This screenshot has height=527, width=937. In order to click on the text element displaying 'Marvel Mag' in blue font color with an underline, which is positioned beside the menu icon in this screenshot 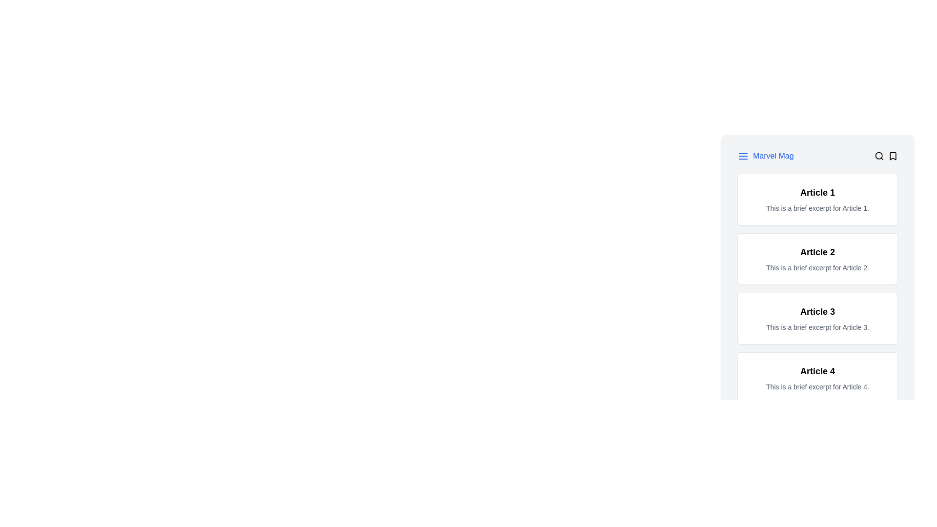, I will do `click(765, 156)`.